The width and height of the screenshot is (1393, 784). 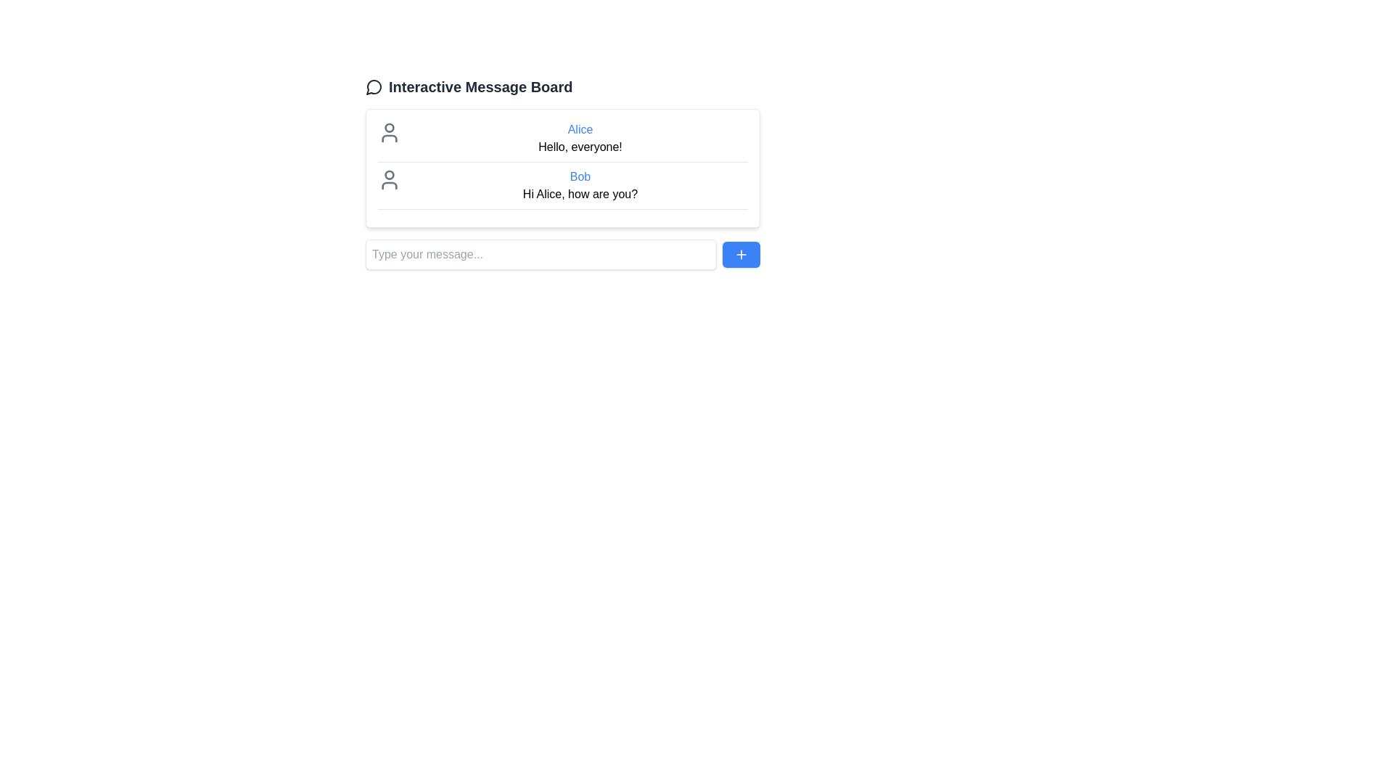 I want to click on the chat message component attributed to 'Bob', which displays the message 'Hi Alice, how are you?', so click(x=562, y=188).